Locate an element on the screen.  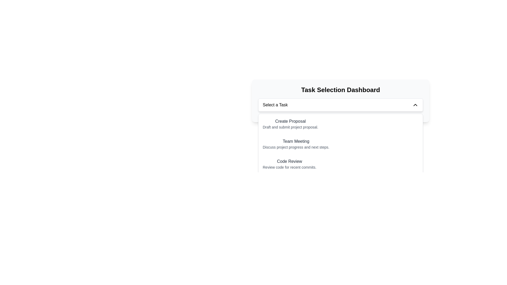
the Text block titled 'Code Review' which displays the description 'Review code for recent commits.' This element is the third option in the 'Select a Task' dropdown of the 'Task Selection Dashboard' is located at coordinates (289, 164).